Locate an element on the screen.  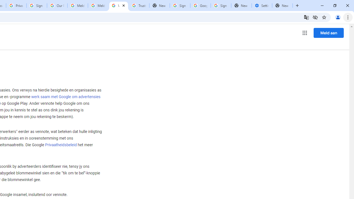
'Meld aan' is located at coordinates (329, 33).